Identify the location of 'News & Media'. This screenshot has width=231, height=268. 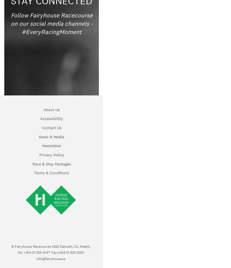
(51, 137).